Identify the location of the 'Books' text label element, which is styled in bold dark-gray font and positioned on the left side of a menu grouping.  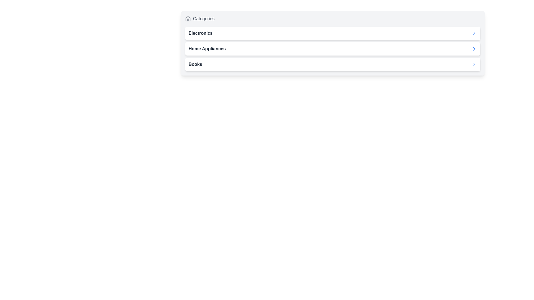
(195, 64).